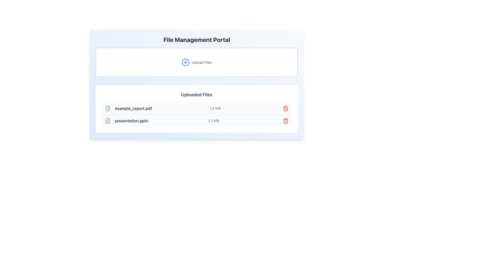 The height and width of the screenshot is (273, 485). What do you see at coordinates (213, 121) in the screenshot?
I see `the text label displaying '3.2 MB' in gray color, which is aligned to the right of the file name 'presentation.pptx' in the bottom file row of the uploaded files table` at bounding box center [213, 121].